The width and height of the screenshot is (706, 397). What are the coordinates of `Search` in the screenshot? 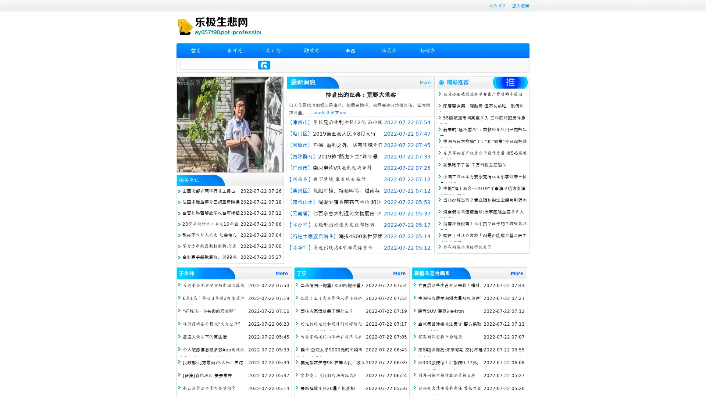 It's located at (264, 65).